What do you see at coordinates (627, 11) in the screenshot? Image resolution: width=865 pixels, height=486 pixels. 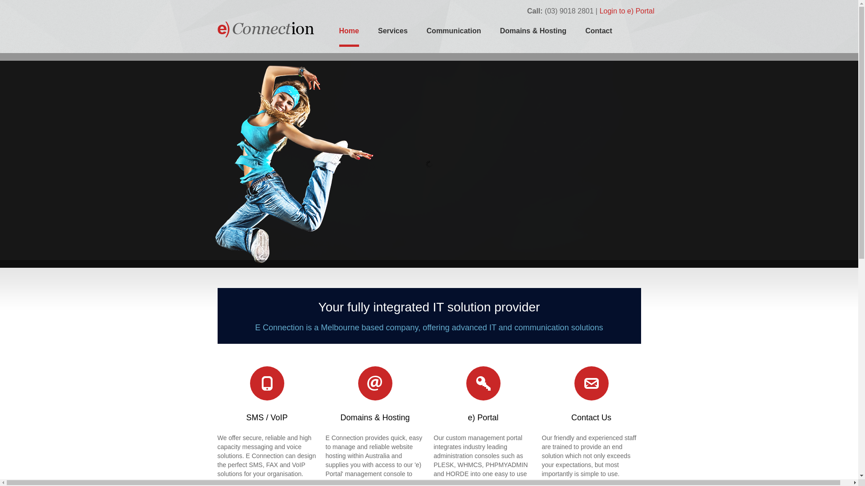 I see `'Login to e) Portal'` at bounding box center [627, 11].